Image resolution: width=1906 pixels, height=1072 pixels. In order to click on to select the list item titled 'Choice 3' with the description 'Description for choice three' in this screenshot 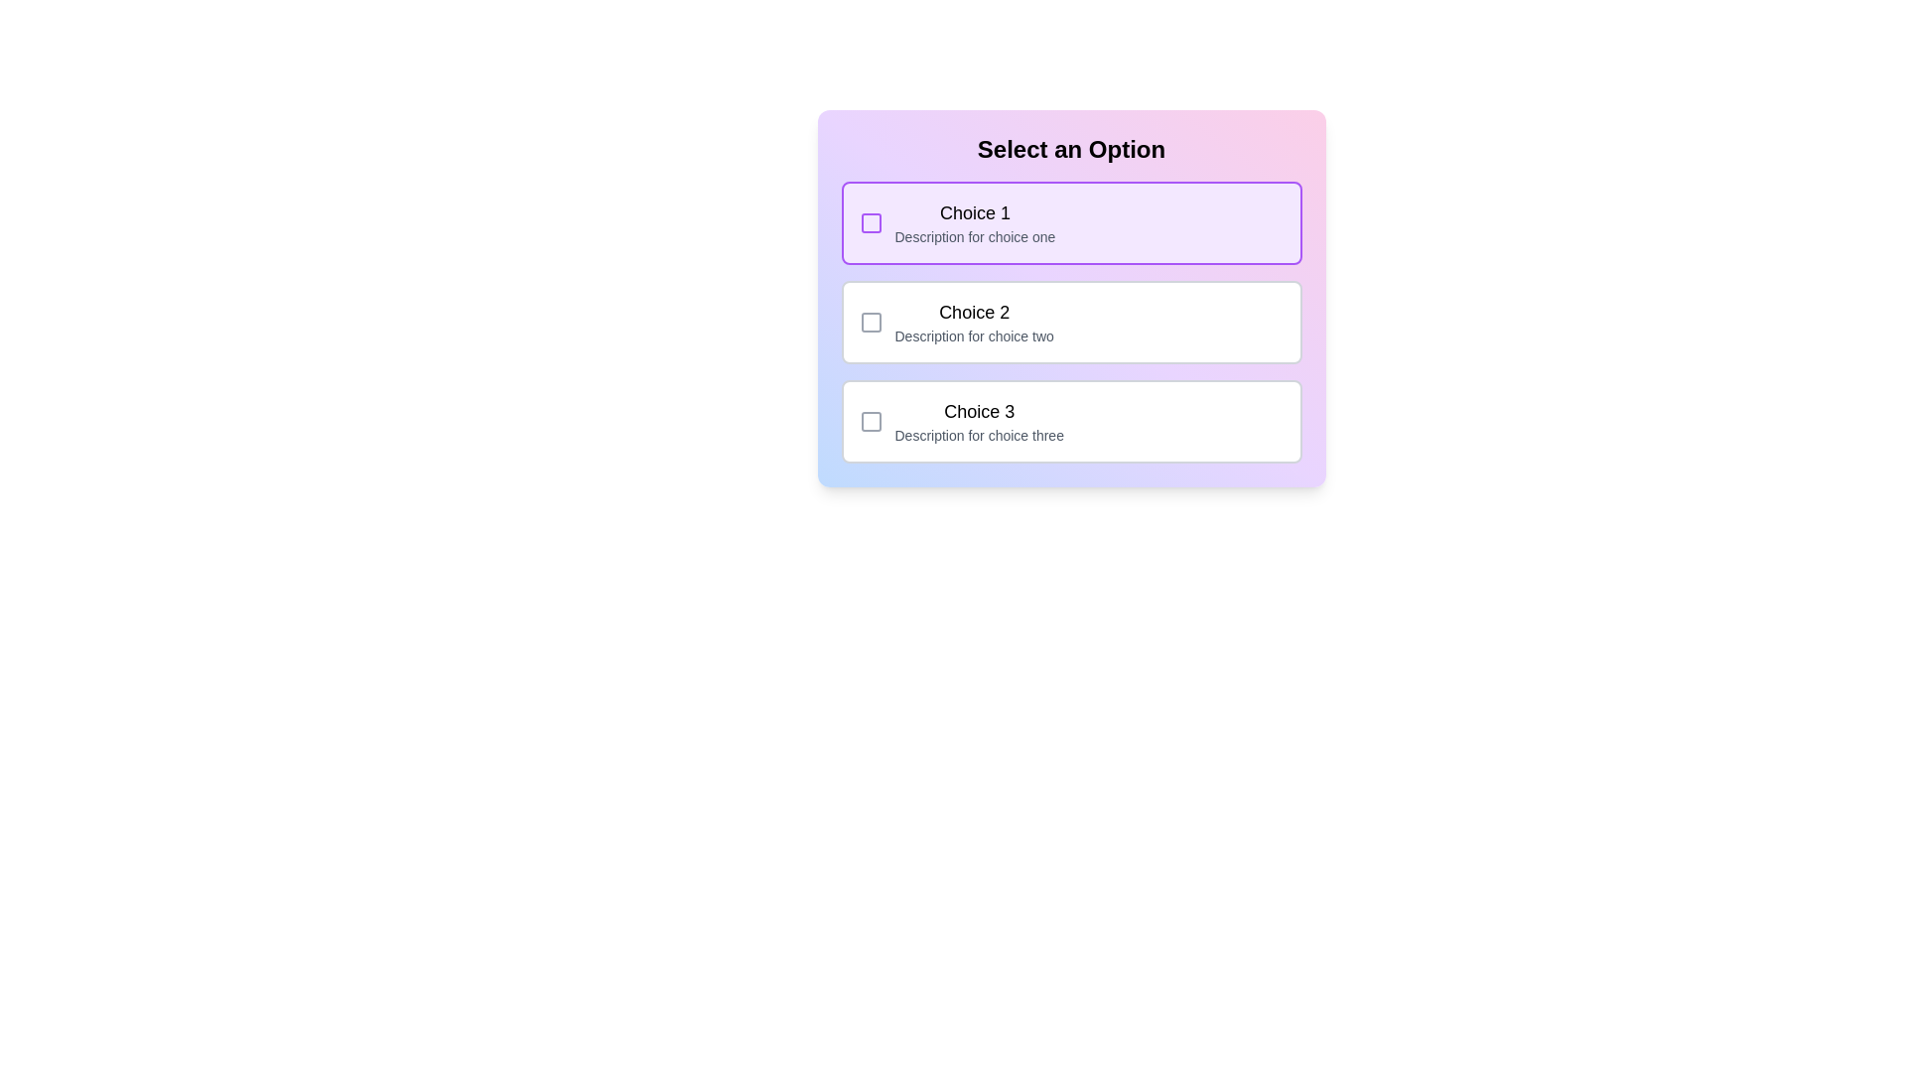, I will do `click(979, 420)`.